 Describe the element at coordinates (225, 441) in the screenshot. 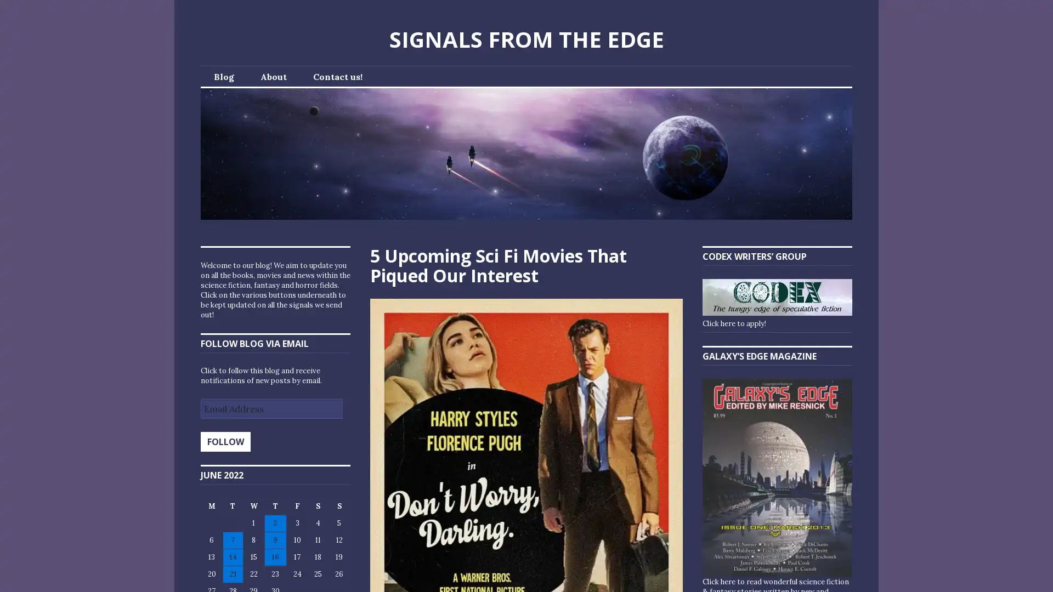

I see `FOLLOW` at that location.